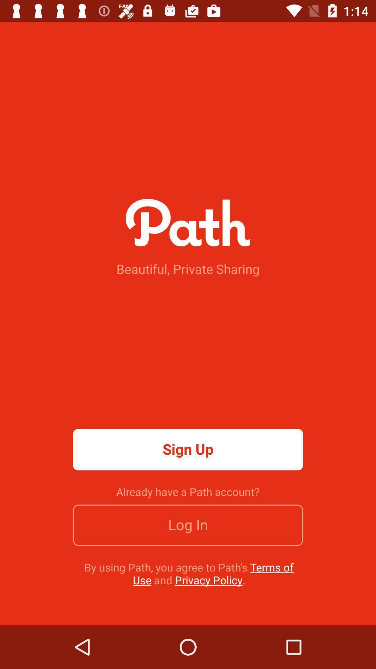  What do you see at coordinates (189, 574) in the screenshot?
I see `by using path icon` at bounding box center [189, 574].